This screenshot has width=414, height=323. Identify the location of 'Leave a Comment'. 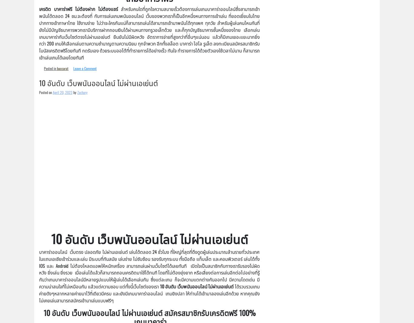
(85, 68).